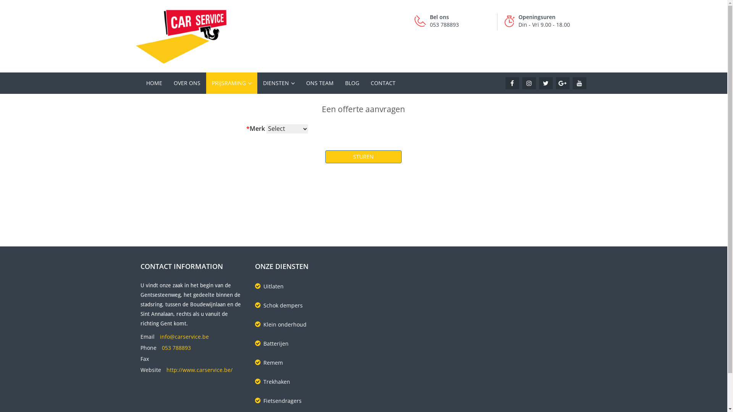 Image resolution: width=733 pixels, height=412 pixels. I want to click on 'OVER ONS', so click(187, 83).